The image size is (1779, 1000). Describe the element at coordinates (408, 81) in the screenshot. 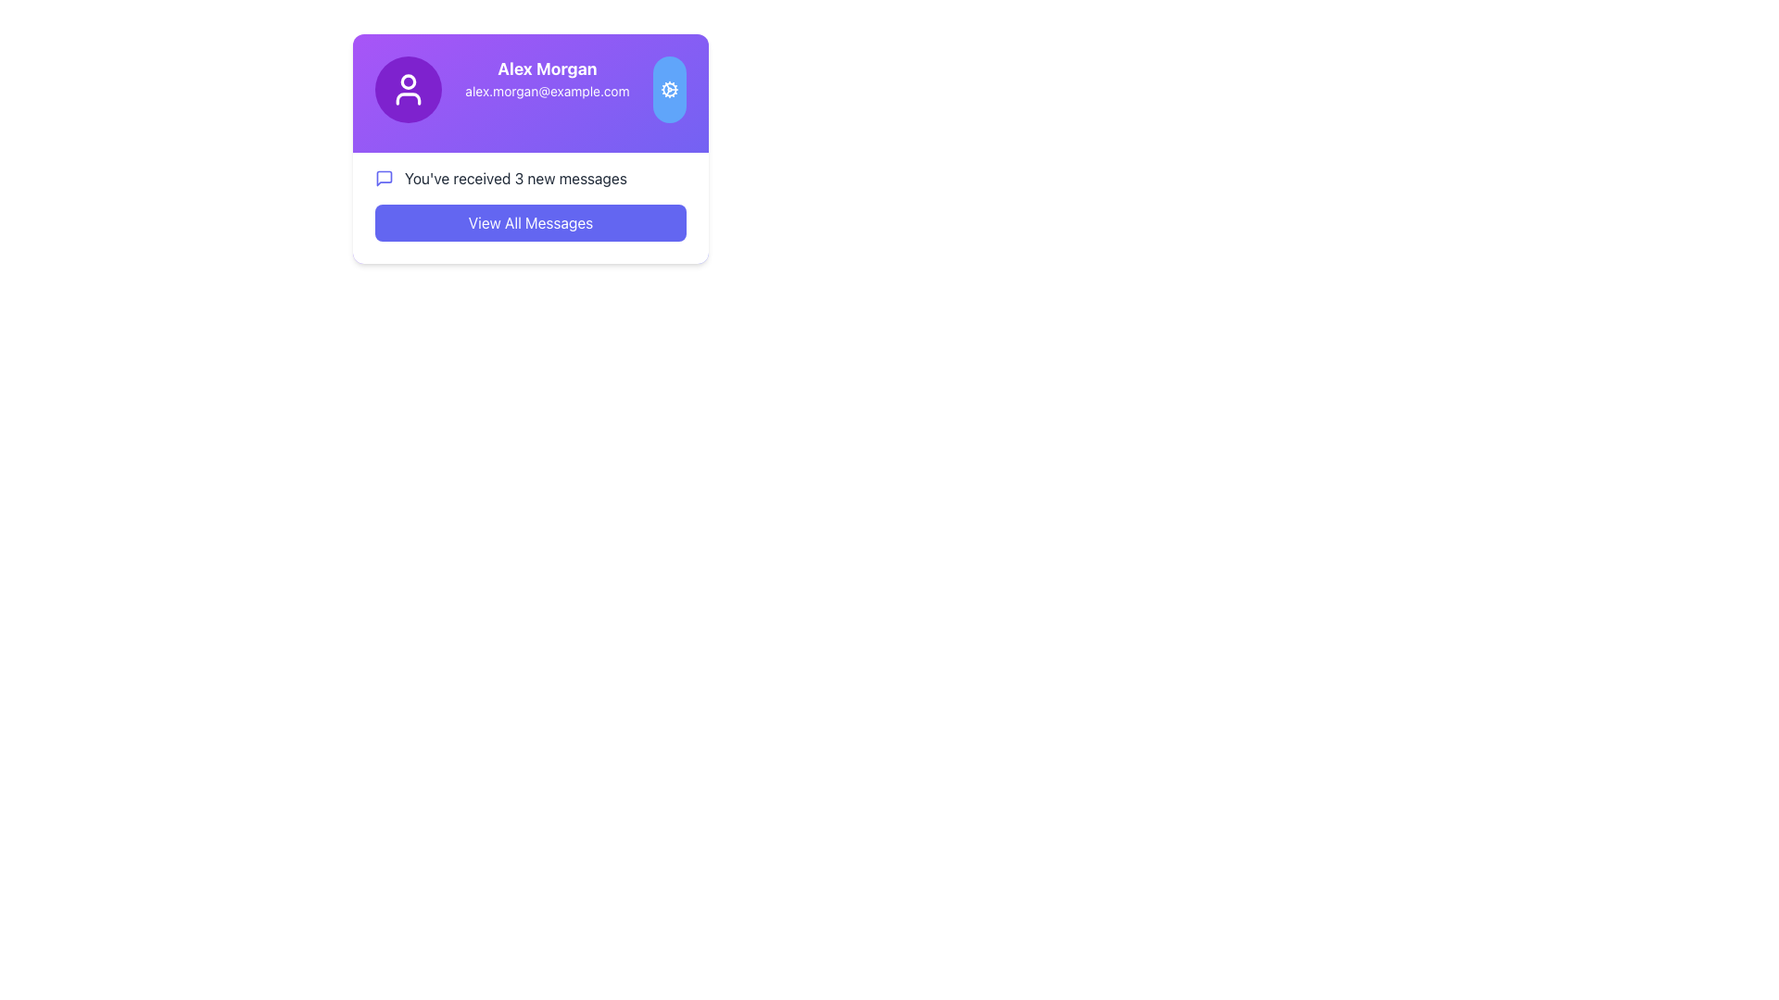

I see `the decorative circular component of the user icon, which is located at the top of the user profile icon within a purple gradient circle` at that location.